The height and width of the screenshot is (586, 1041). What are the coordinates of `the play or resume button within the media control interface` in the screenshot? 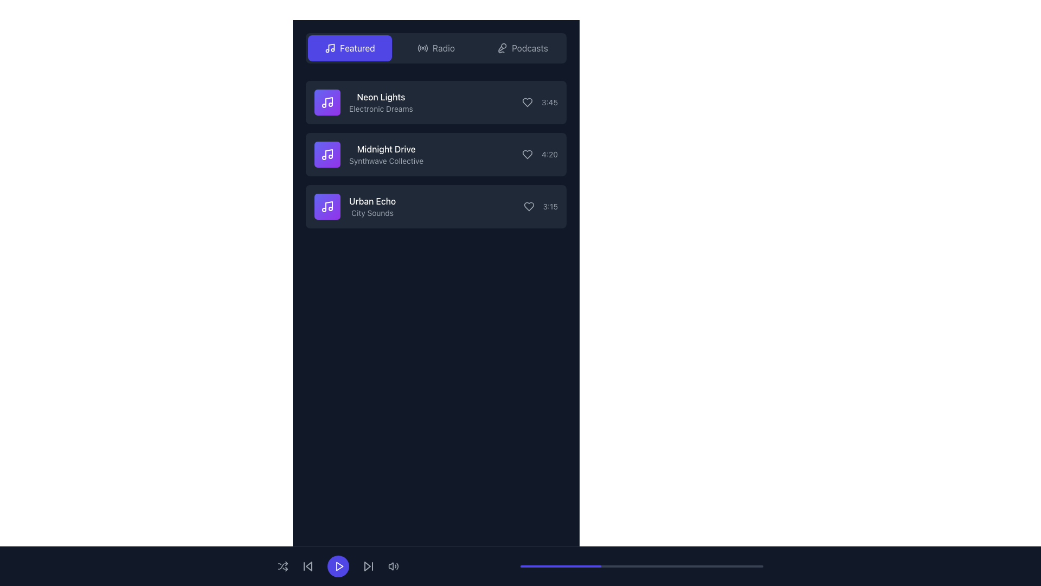 It's located at (339, 566).